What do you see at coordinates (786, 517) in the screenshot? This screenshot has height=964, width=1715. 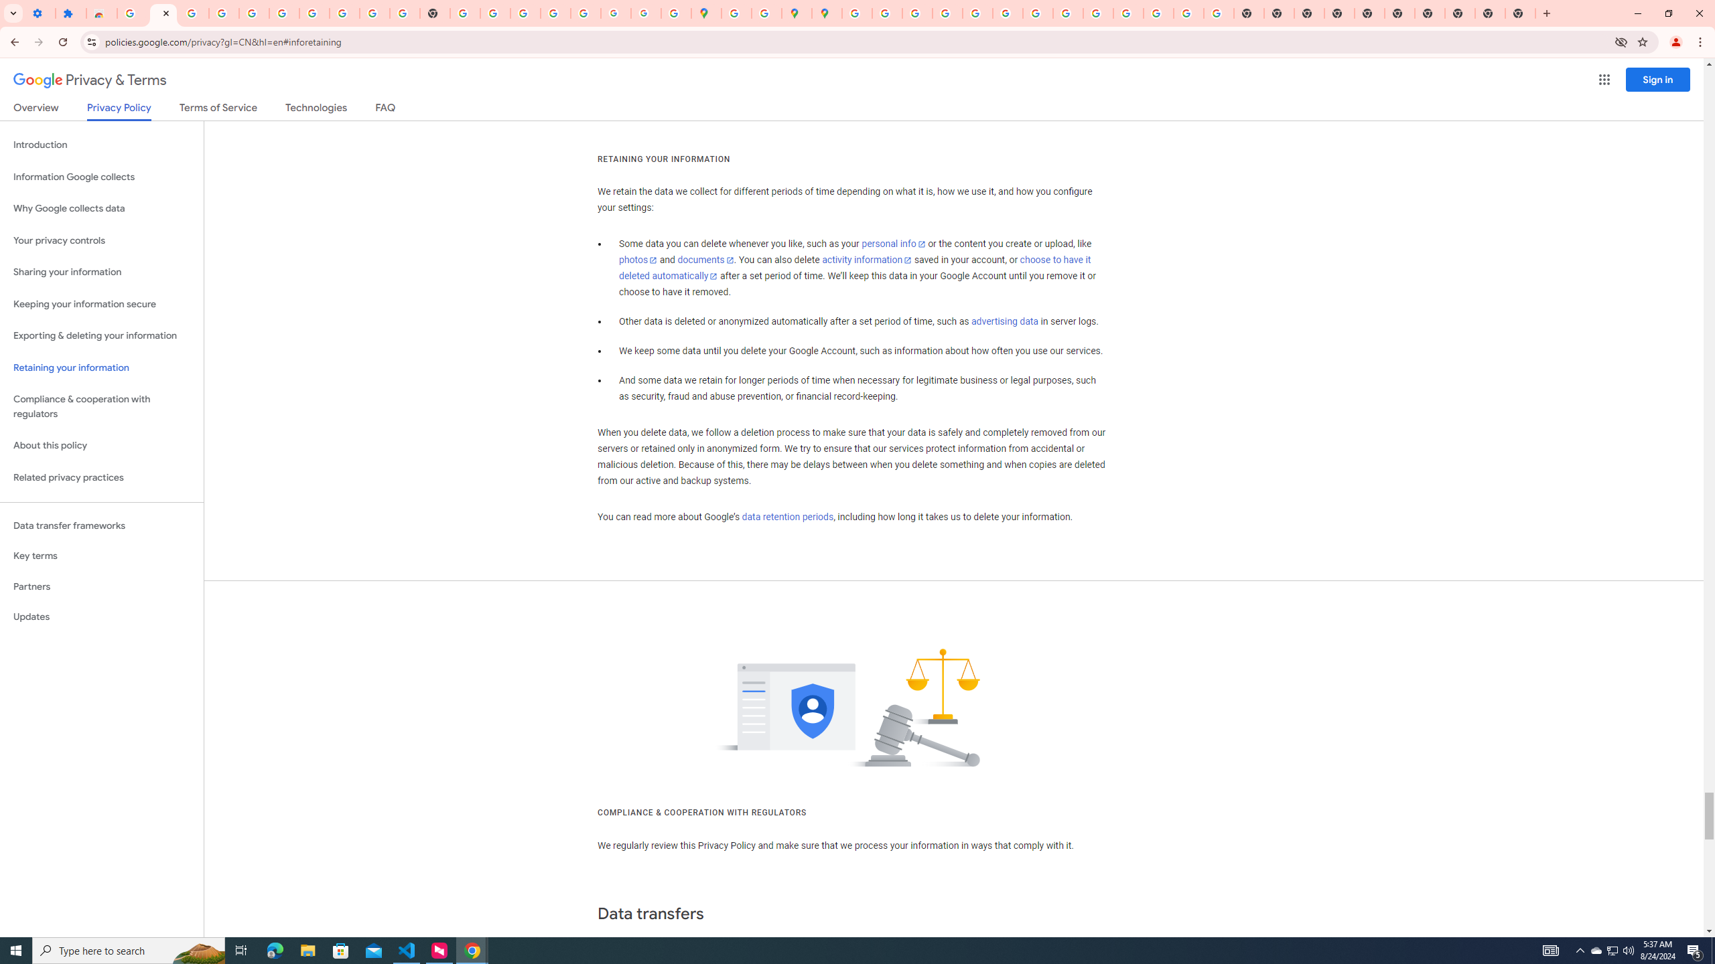 I see `'data retention periods'` at bounding box center [786, 517].